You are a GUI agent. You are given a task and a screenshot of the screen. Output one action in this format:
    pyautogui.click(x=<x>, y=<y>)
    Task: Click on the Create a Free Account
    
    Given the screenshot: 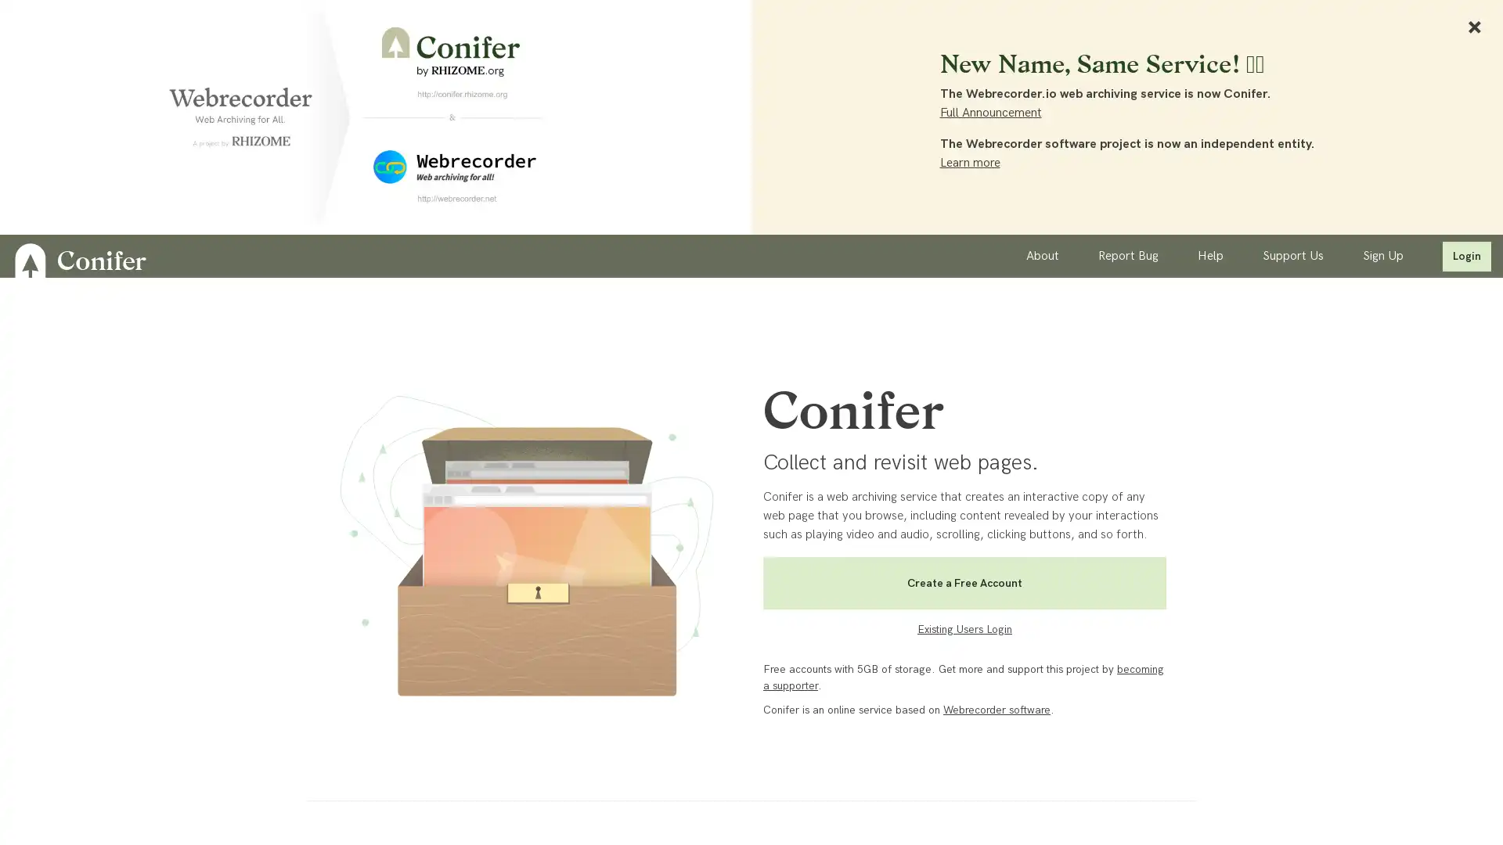 What is the action you would take?
    pyautogui.click(x=964, y=583)
    